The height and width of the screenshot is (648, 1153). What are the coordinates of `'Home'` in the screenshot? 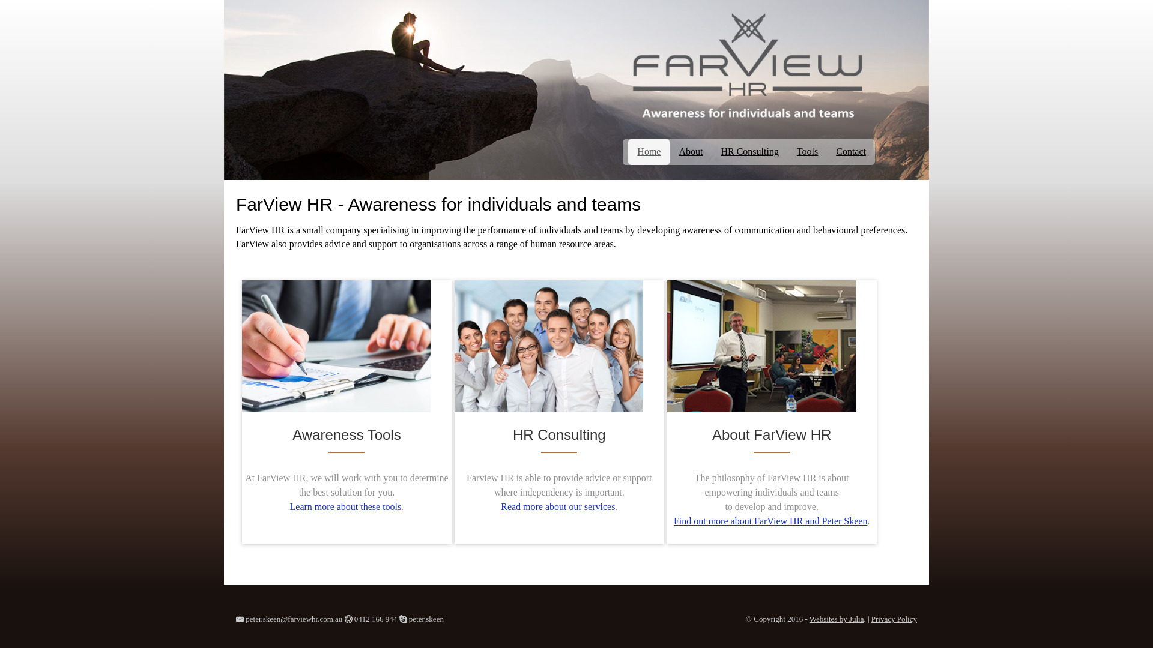 It's located at (628, 151).